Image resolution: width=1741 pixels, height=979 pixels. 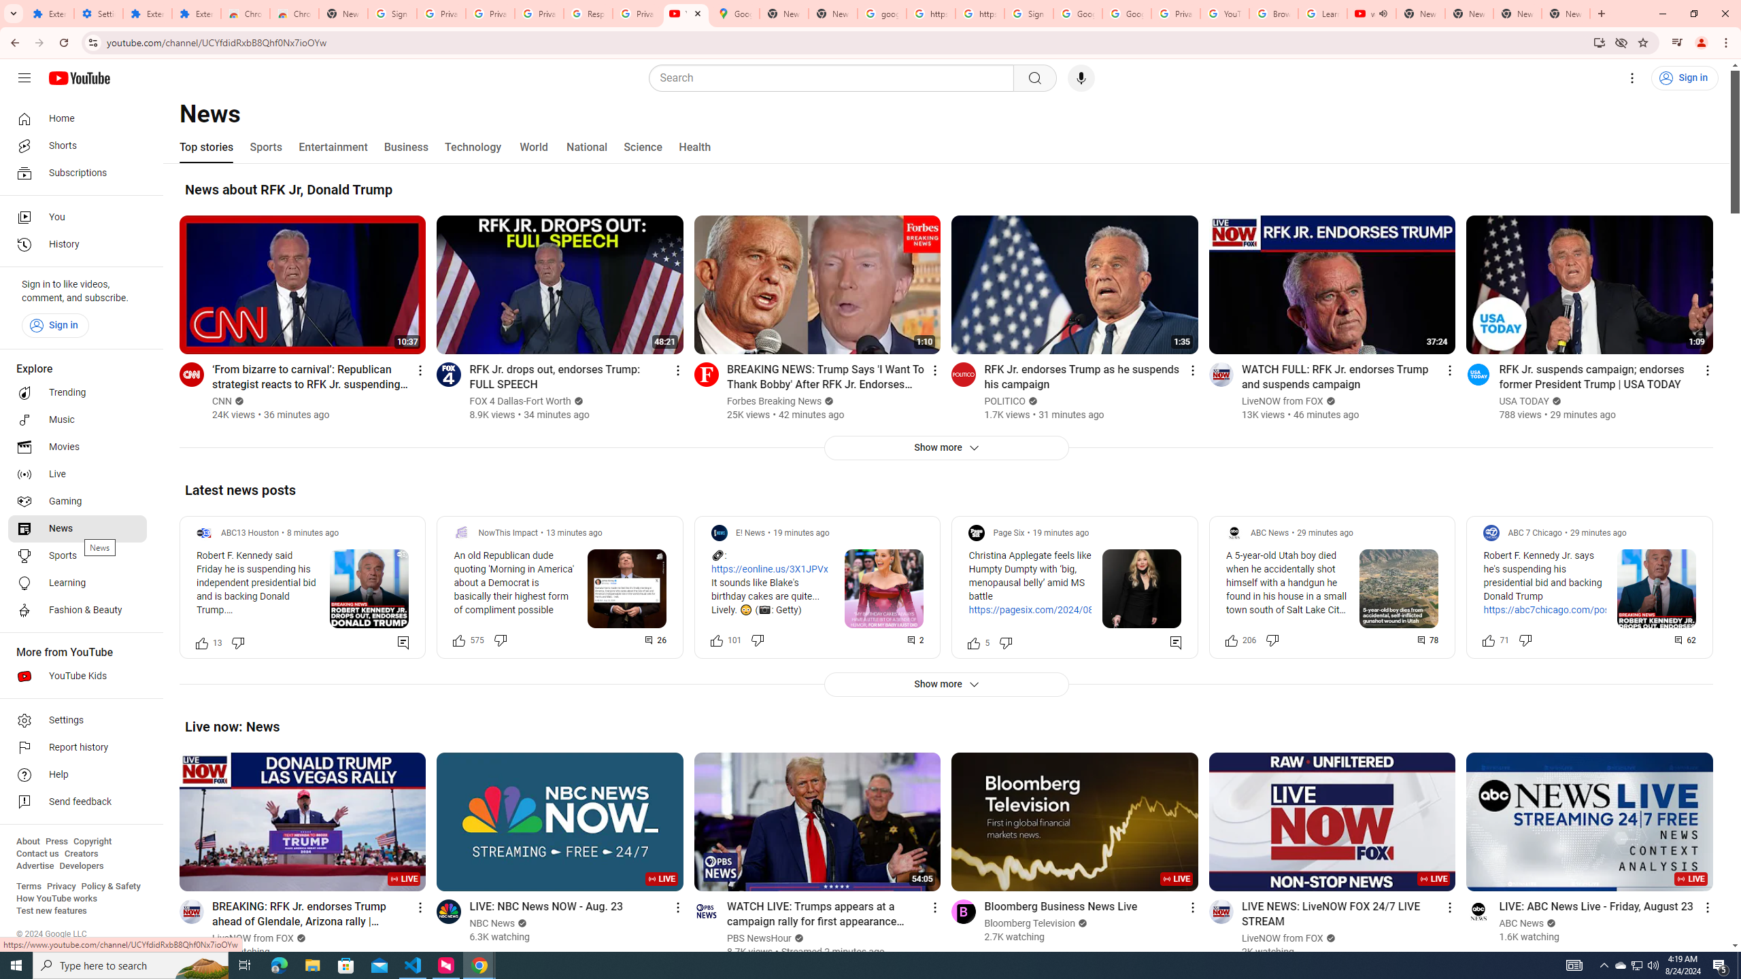 I want to click on 'https://scholar.google.com/', so click(x=930, y=13).